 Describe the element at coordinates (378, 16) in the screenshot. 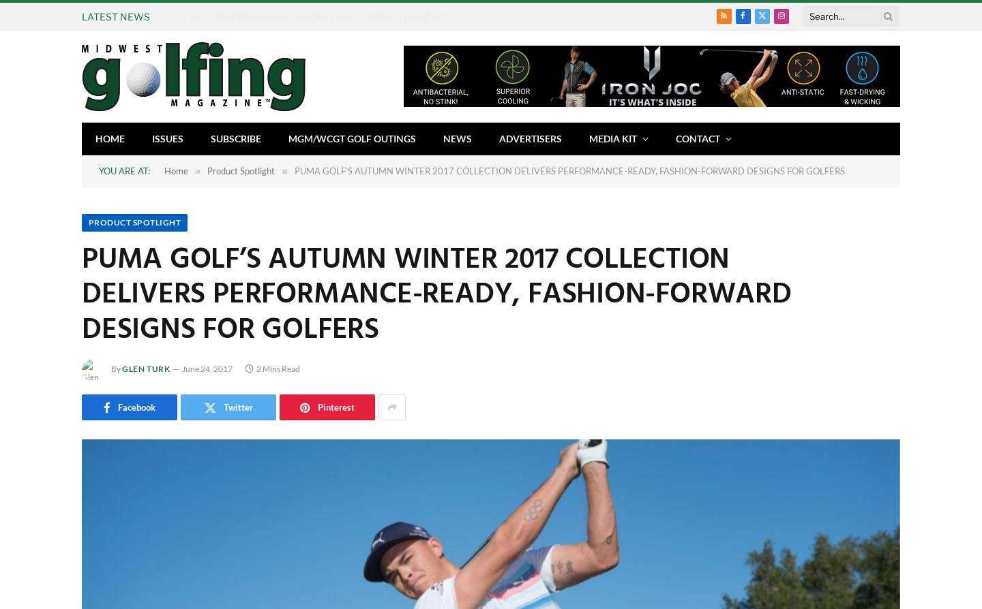

I see `'SuperStroke’s Premium-Quality Pantheon Golf Bags Debut with Stand, Hybrid and Cart Models'` at that location.